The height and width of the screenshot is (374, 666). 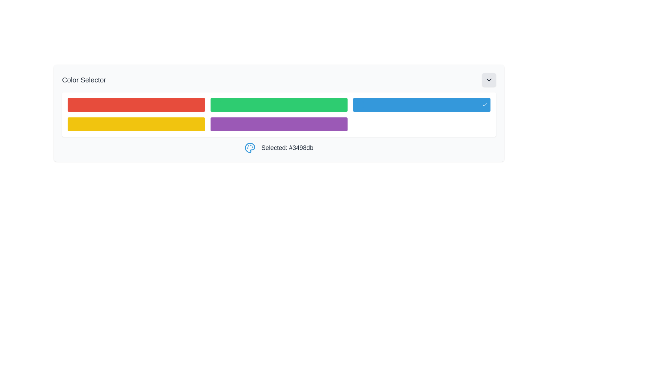 I want to click on the selected color icon located within the 'Selected: #3498db' display at the bottom of the color selection section, so click(x=250, y=148).